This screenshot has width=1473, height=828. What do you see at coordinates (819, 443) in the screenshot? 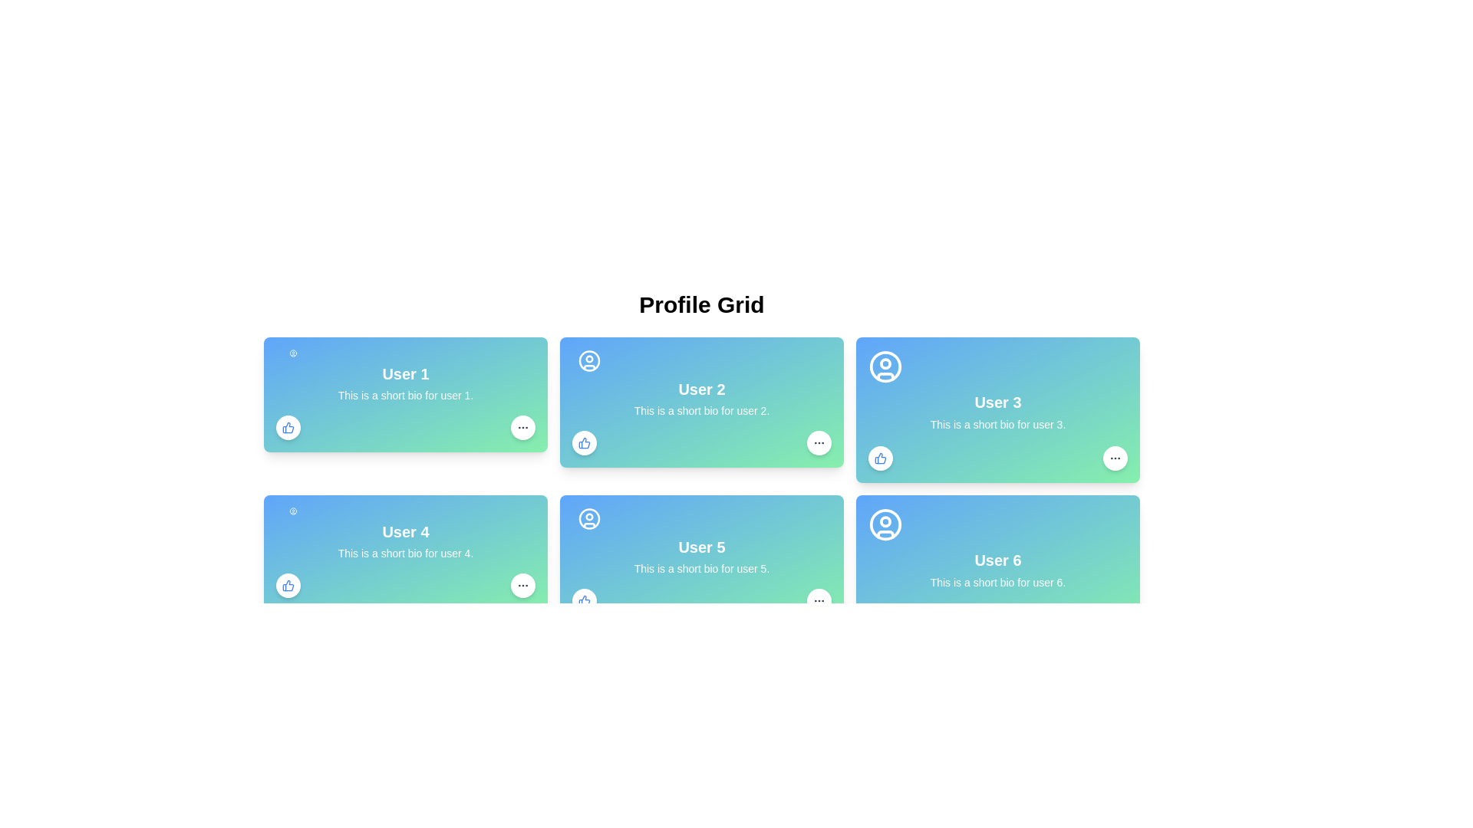
I see `the more options button located in the top right section of the 'User 2' card` at bounding box center [819, 443].